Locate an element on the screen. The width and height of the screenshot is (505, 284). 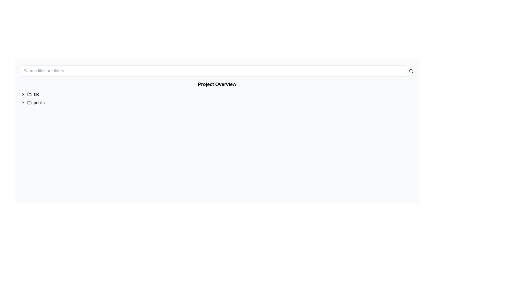
the input area of the Search bar, which is horizontally elongated and located at the top of the interface, to focus on it is located at coordinates (217, 71).